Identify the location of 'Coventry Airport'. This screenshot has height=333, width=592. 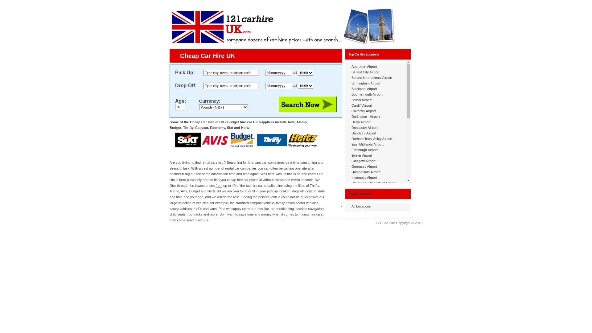
(364, 110).